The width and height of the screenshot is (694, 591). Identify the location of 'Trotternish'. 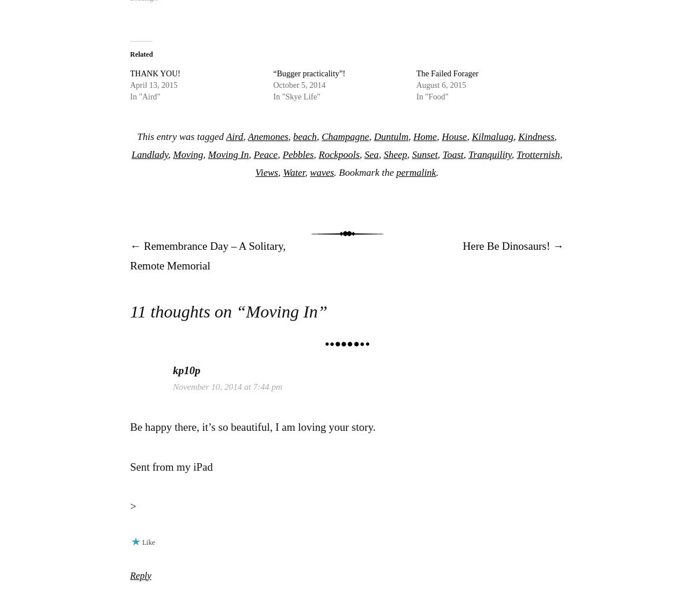
(538, 154).